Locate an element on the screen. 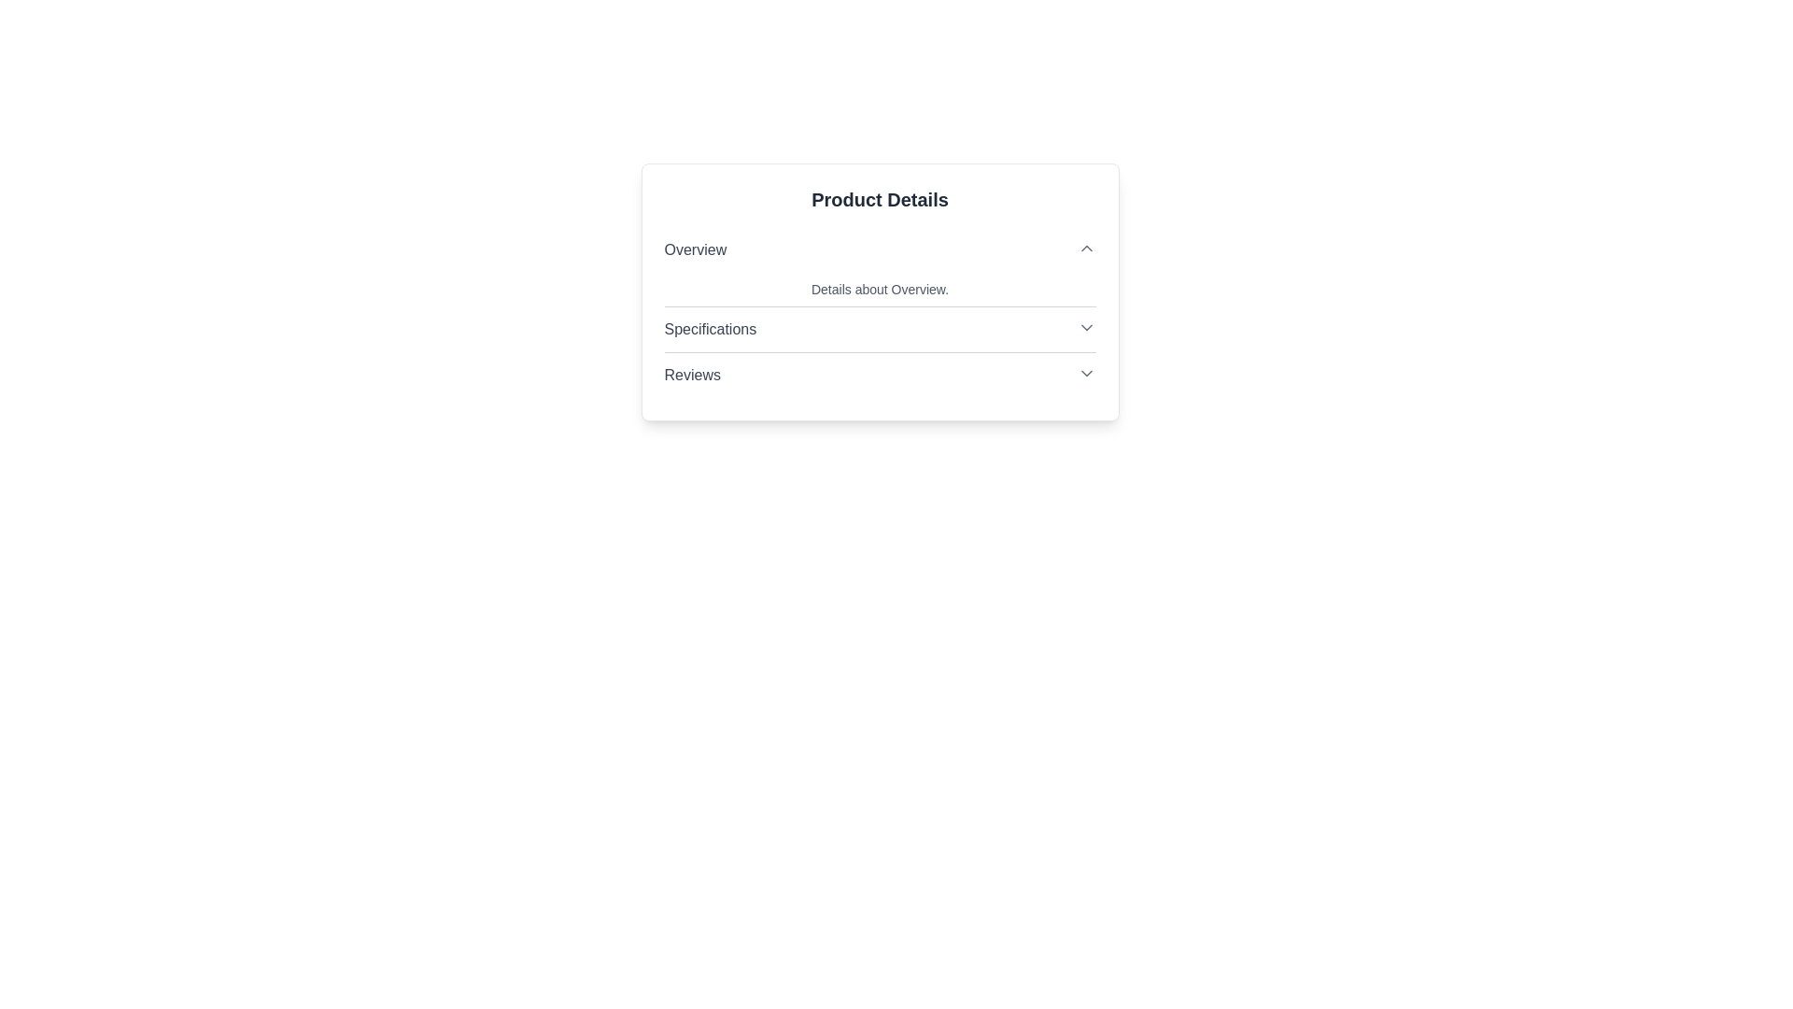 Image resolution: width=1793 pixels, height=1009 pixels. the chevron icon located at the far-right side of the 'Reviews' section is located at coordinates (1086, 374).